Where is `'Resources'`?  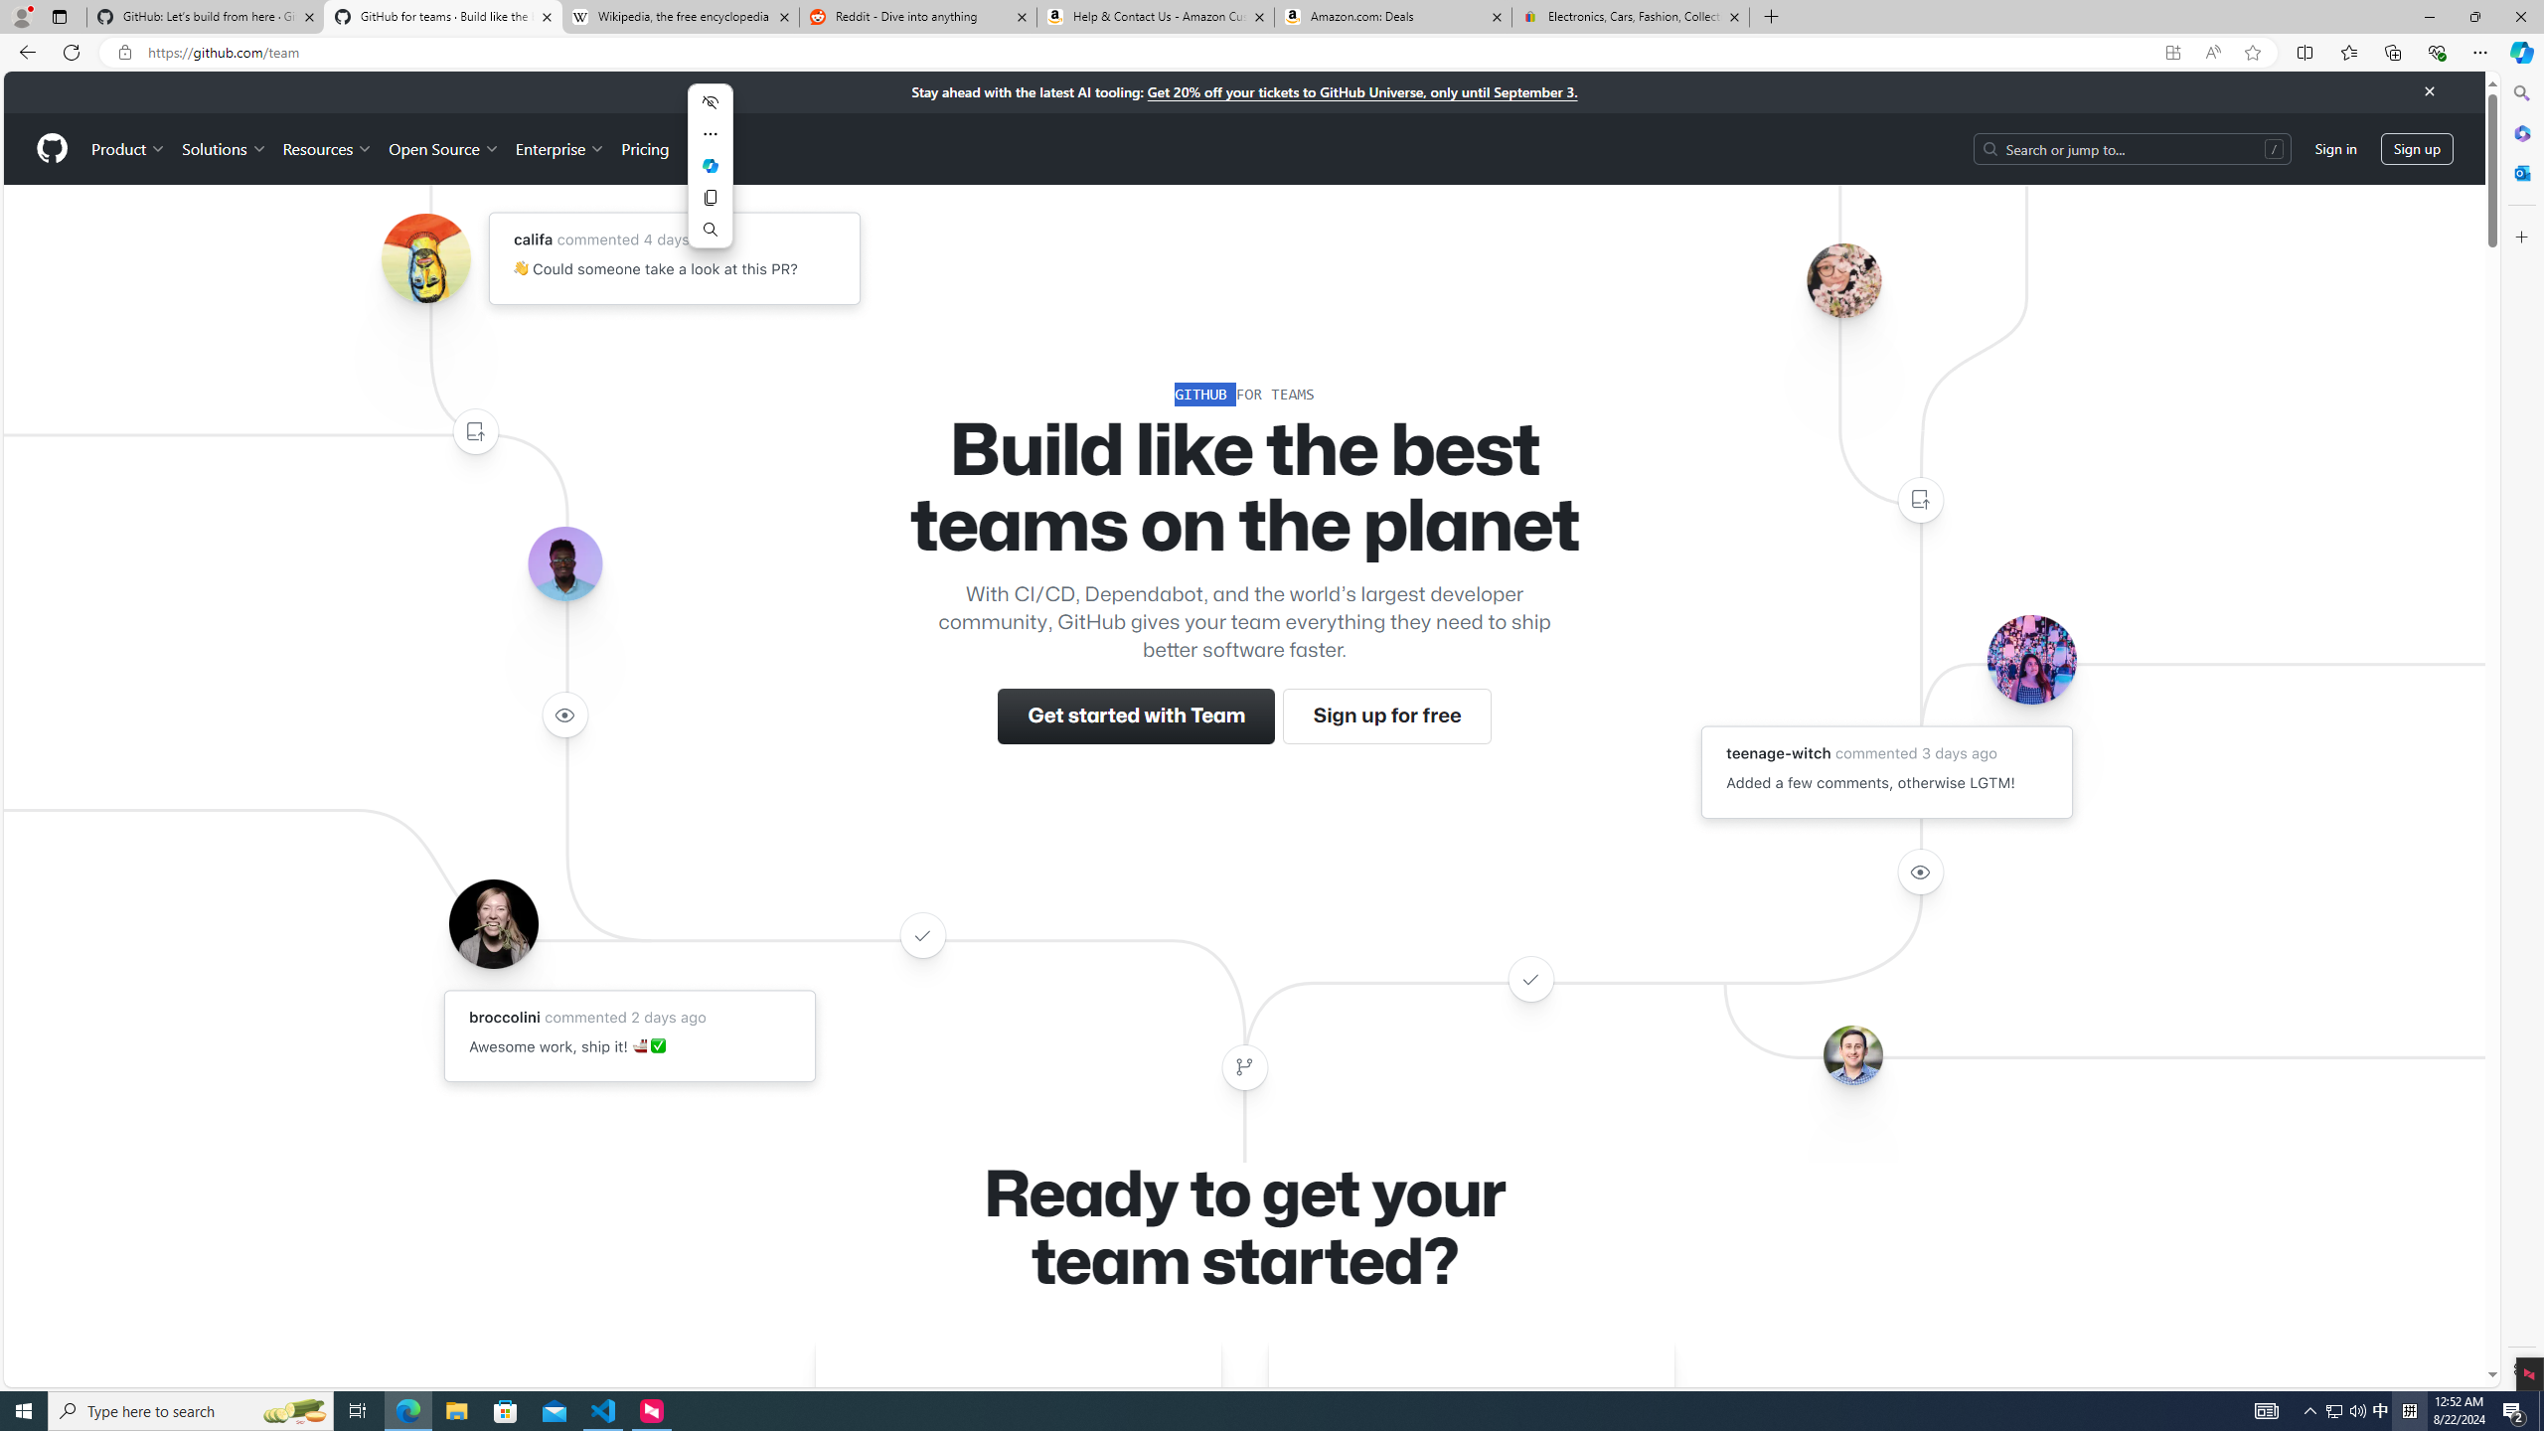
'Resources' is located at coordinates (328, 148).